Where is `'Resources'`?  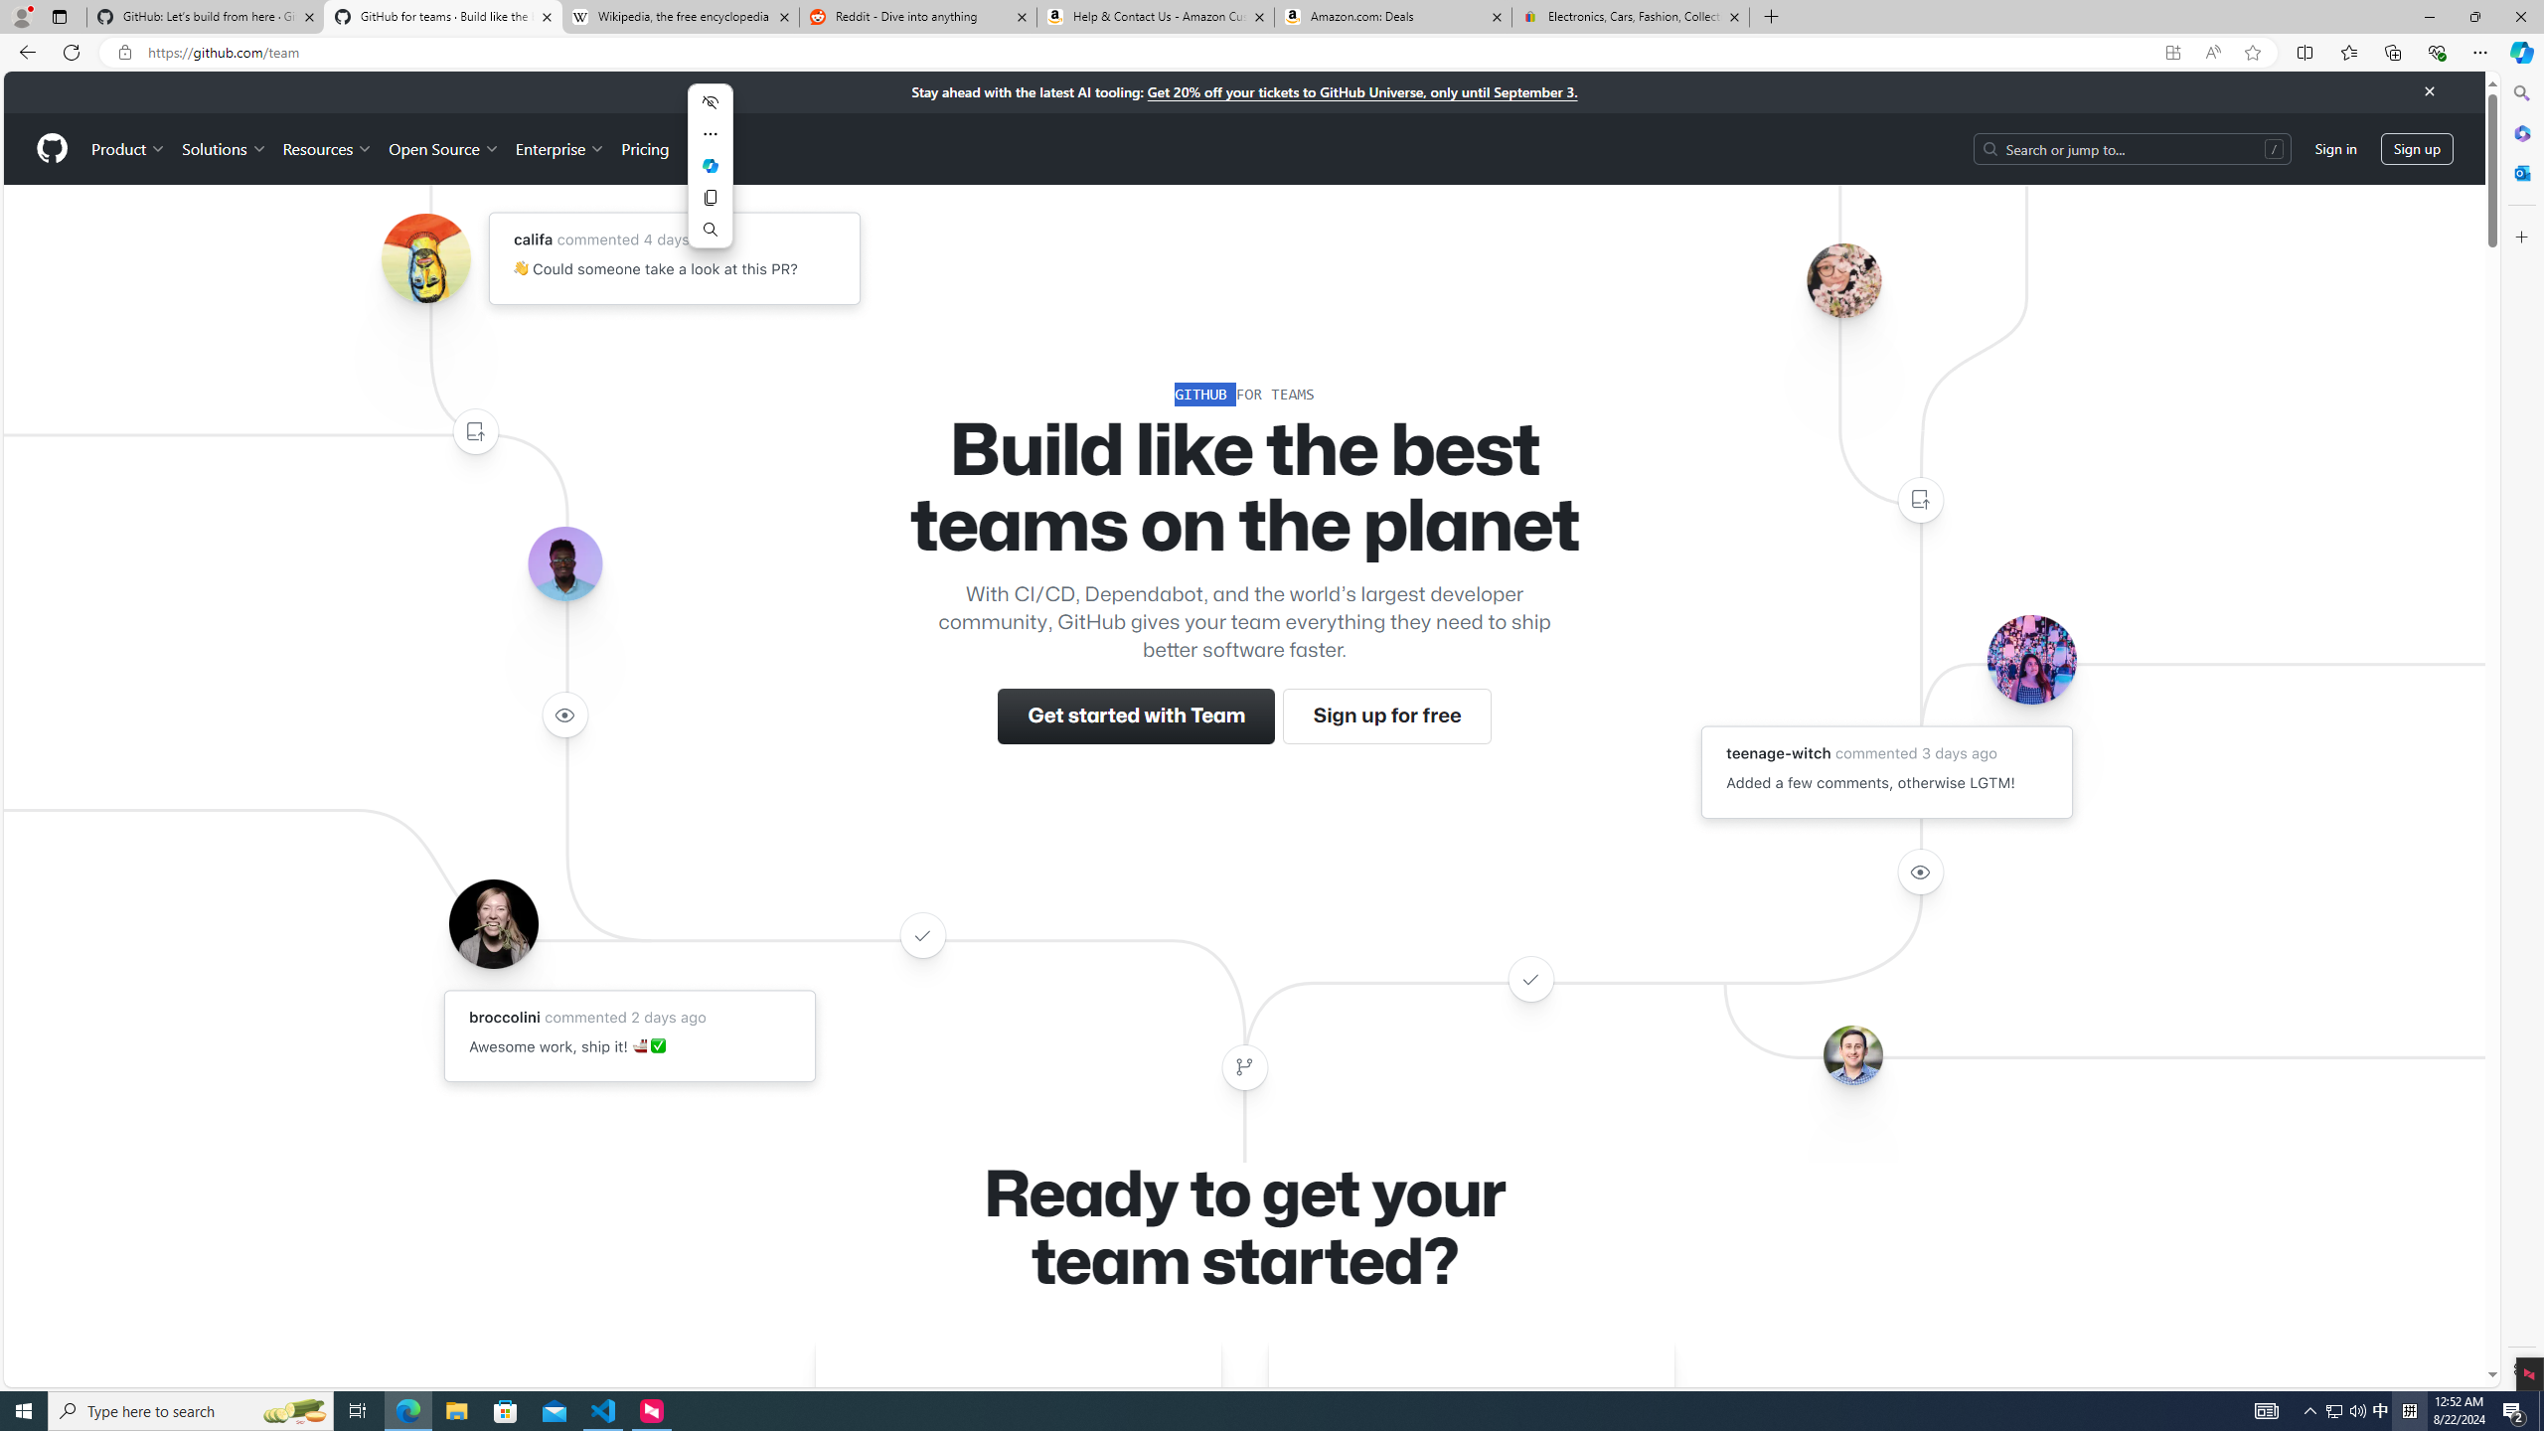
'Resources' is located at coordinates (328, 148).